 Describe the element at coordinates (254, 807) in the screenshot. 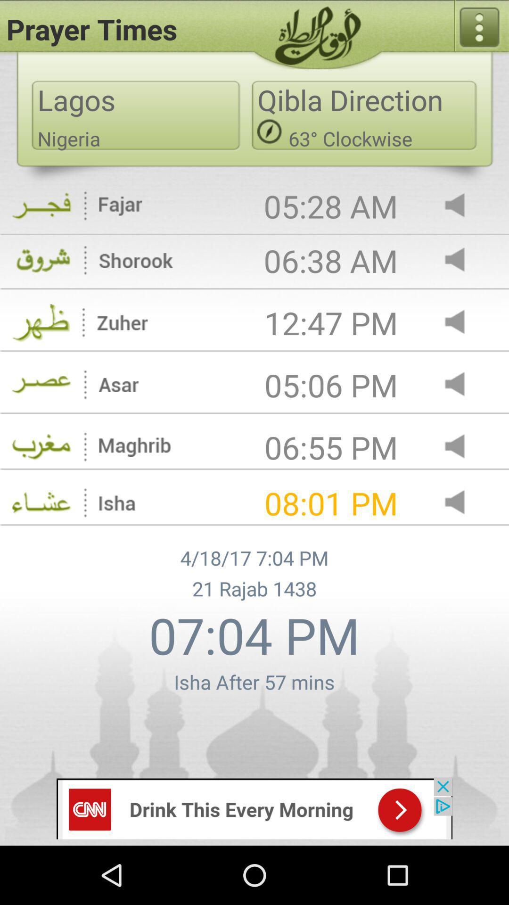

I see `advertisement` at that location.